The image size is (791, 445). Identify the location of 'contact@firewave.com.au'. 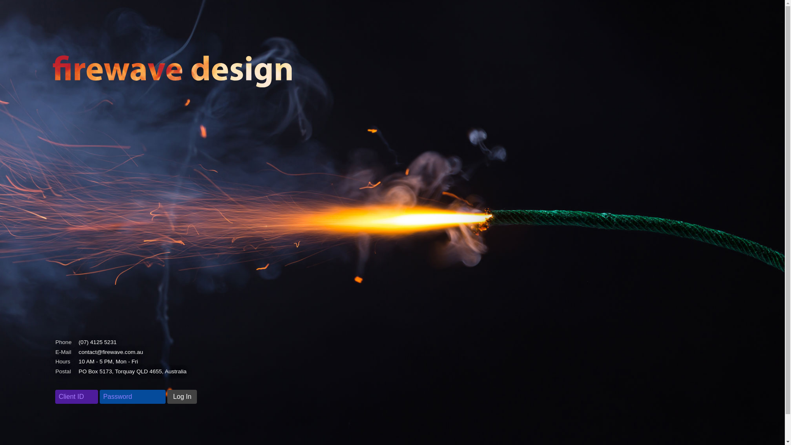
(110, 352).